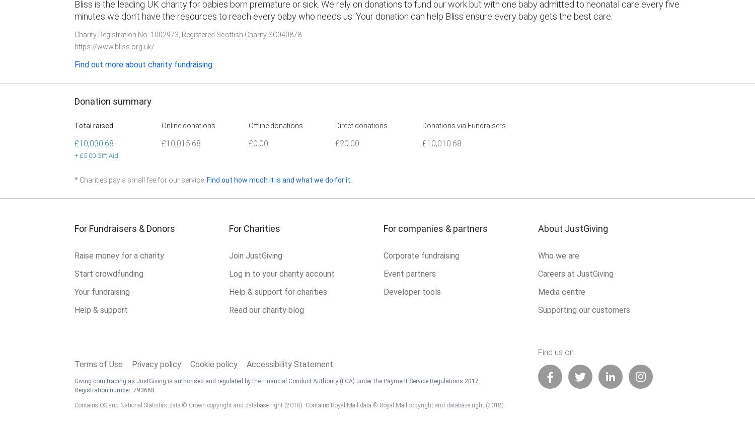 This screenshot has height=428, width=755. I want to click on 'Offline donations', so click(275, 125).